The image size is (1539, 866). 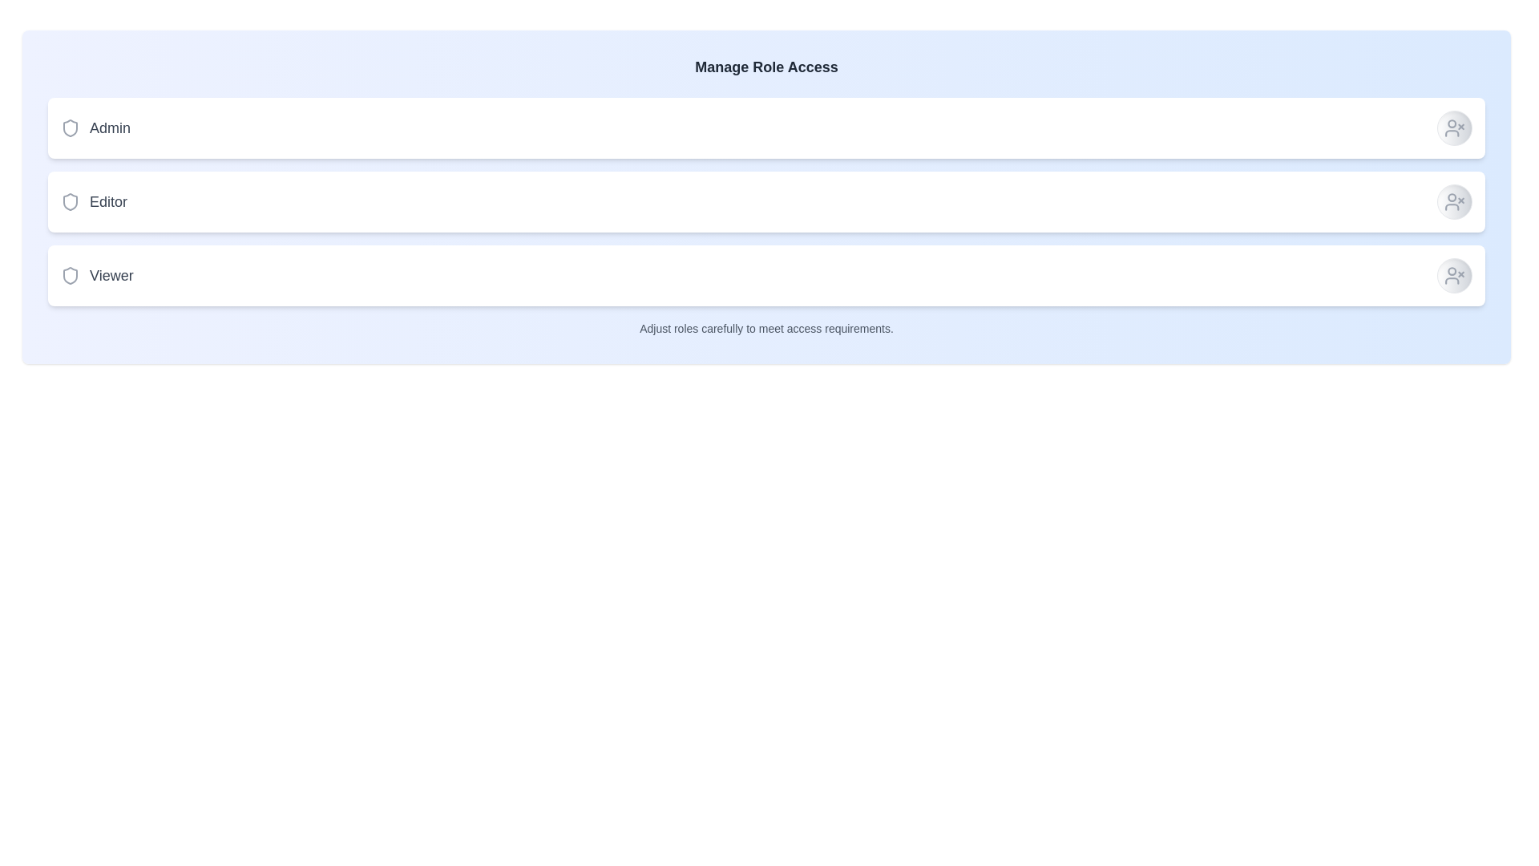 I want to click on the 'Viewer' role icon by, so click(x=69, y=274).